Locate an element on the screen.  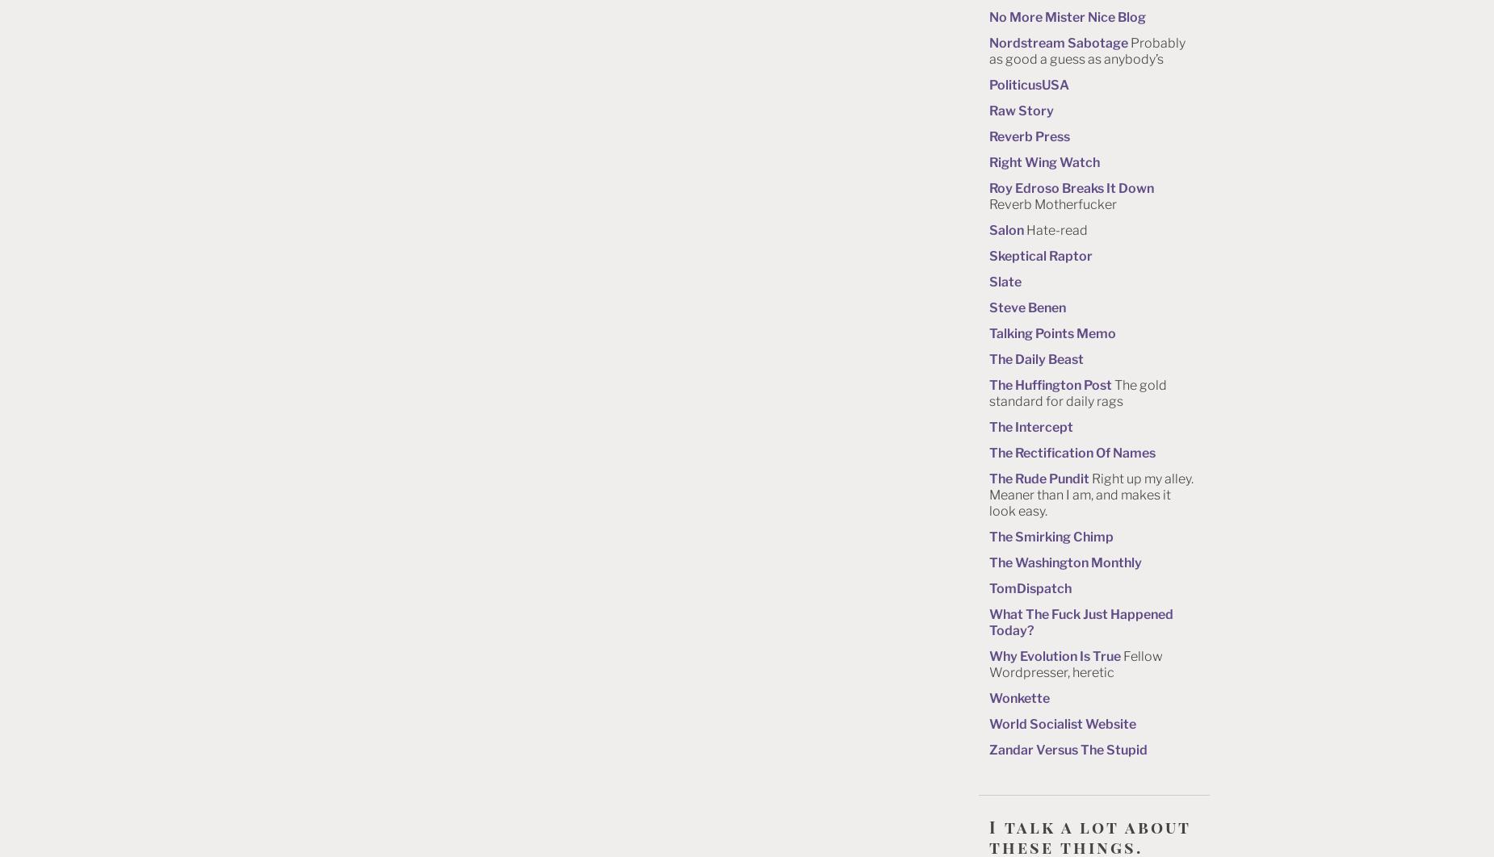
'The Intercept' is located at coordinates (988, 425).